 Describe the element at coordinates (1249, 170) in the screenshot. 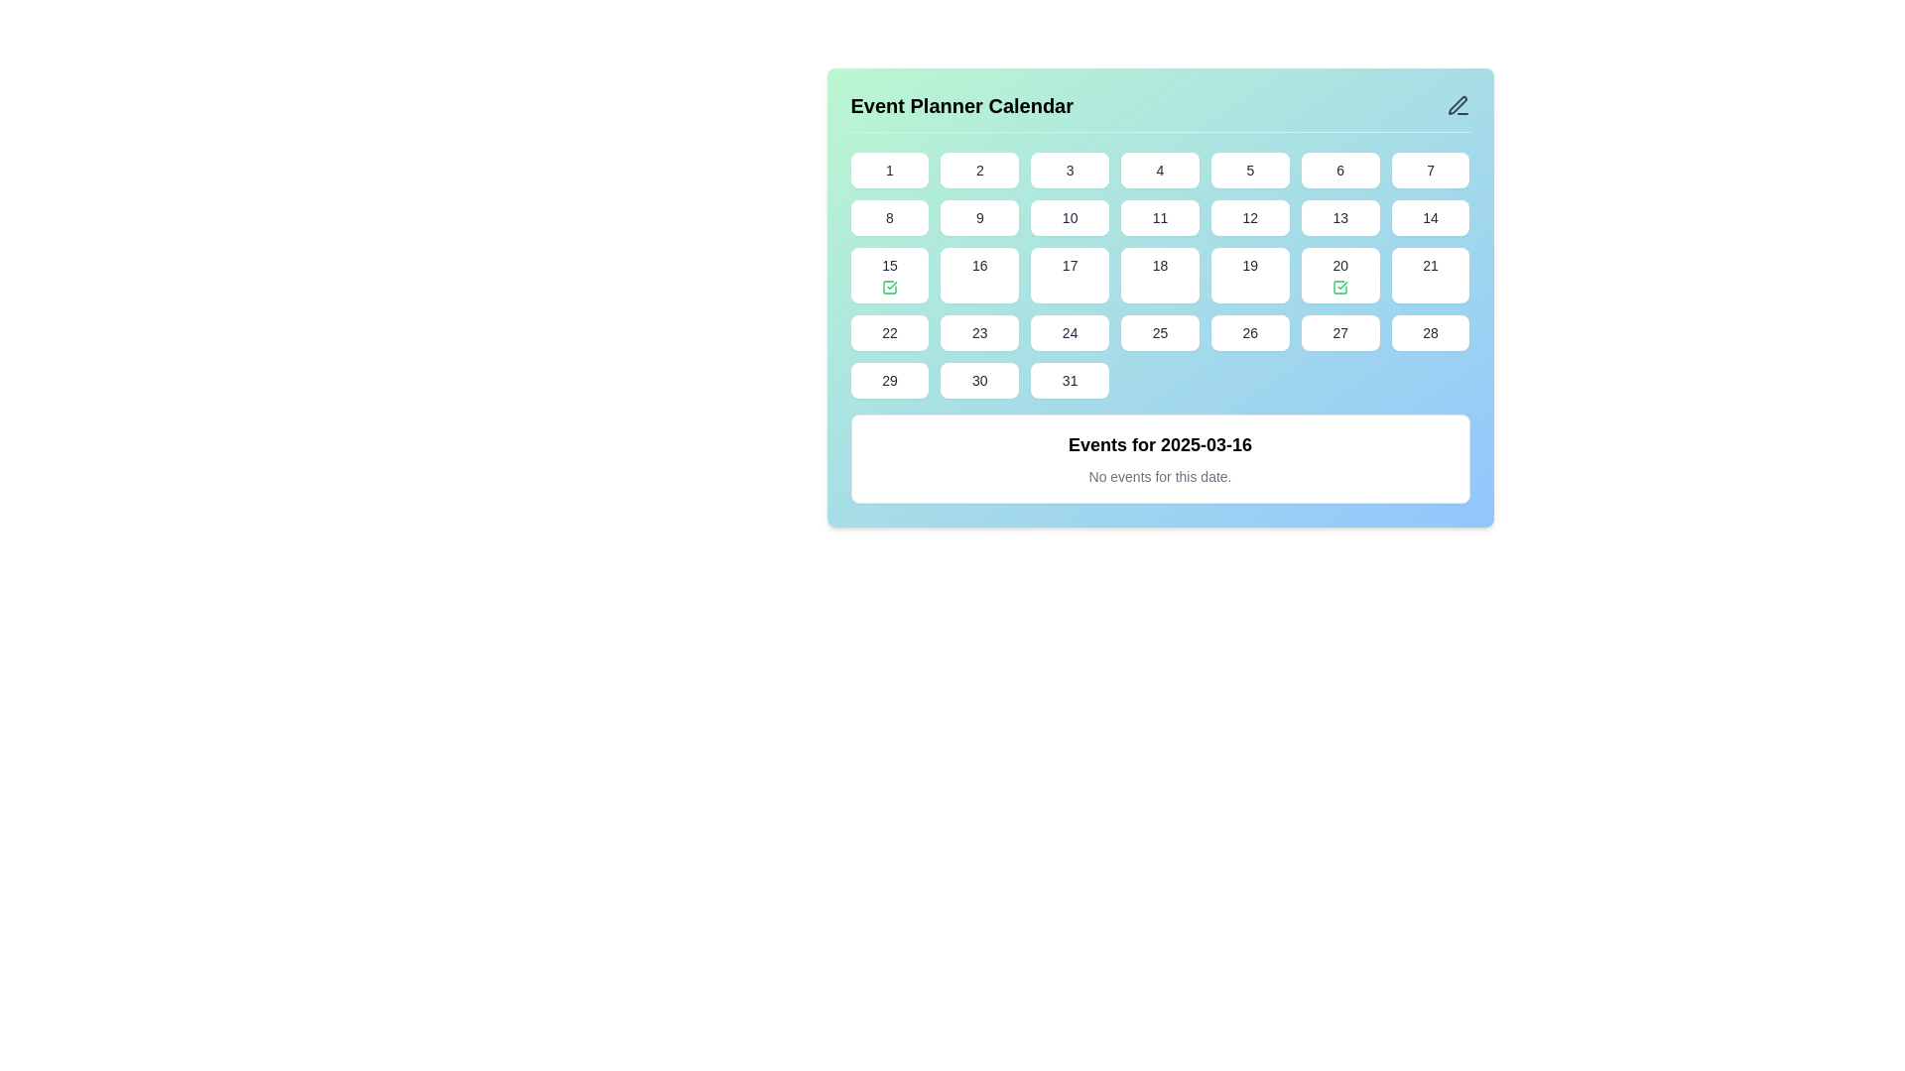

I see `the rectangular button displaying the number '5' in bold font, located in the first row of a calendar grid, to trigger the hover effects` at that location.